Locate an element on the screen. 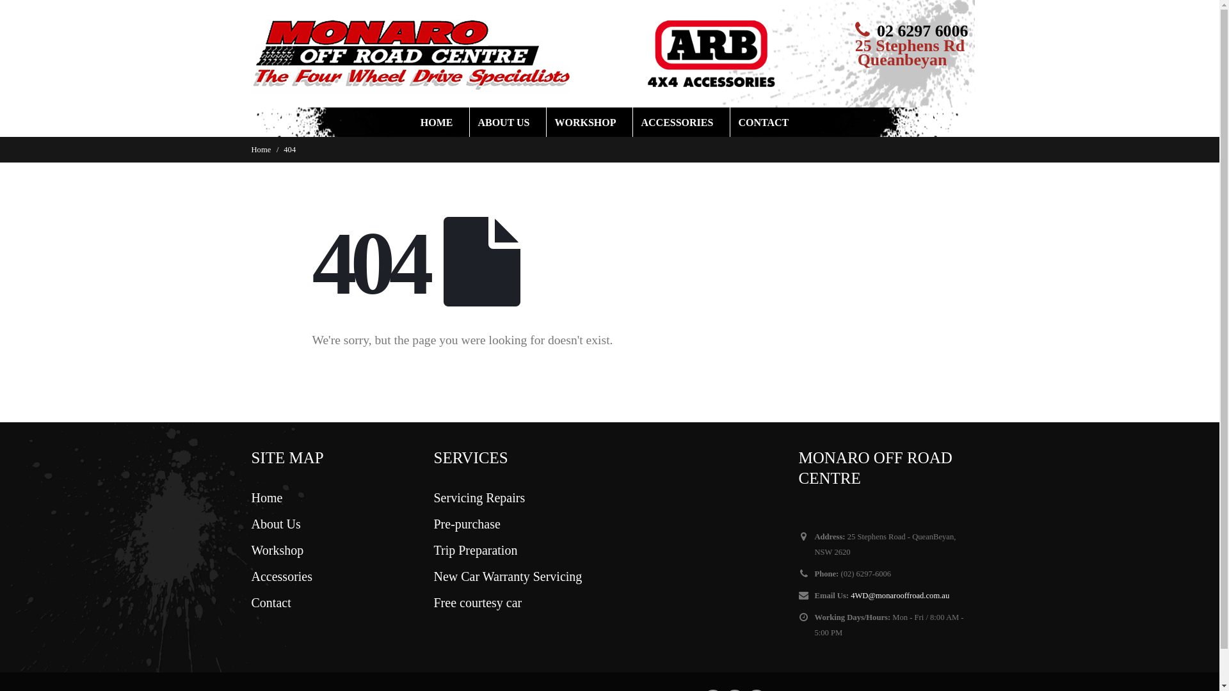  'ACCESSORIES' is located at coordinates (681, 122).